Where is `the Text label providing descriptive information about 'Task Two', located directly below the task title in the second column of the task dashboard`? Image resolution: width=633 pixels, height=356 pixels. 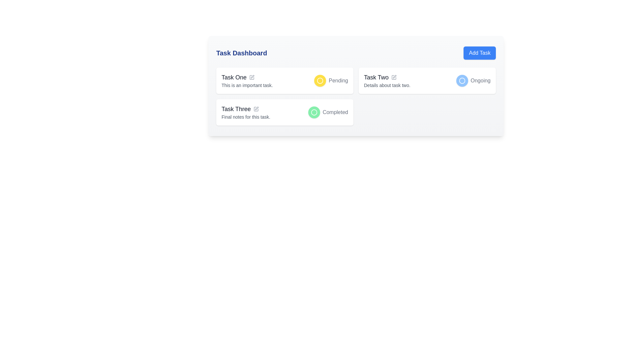 the Text label providing descriptive information about 'Task Two', located directly below the task title in the second column of the task dashboard is located at coordinates (387, 85).